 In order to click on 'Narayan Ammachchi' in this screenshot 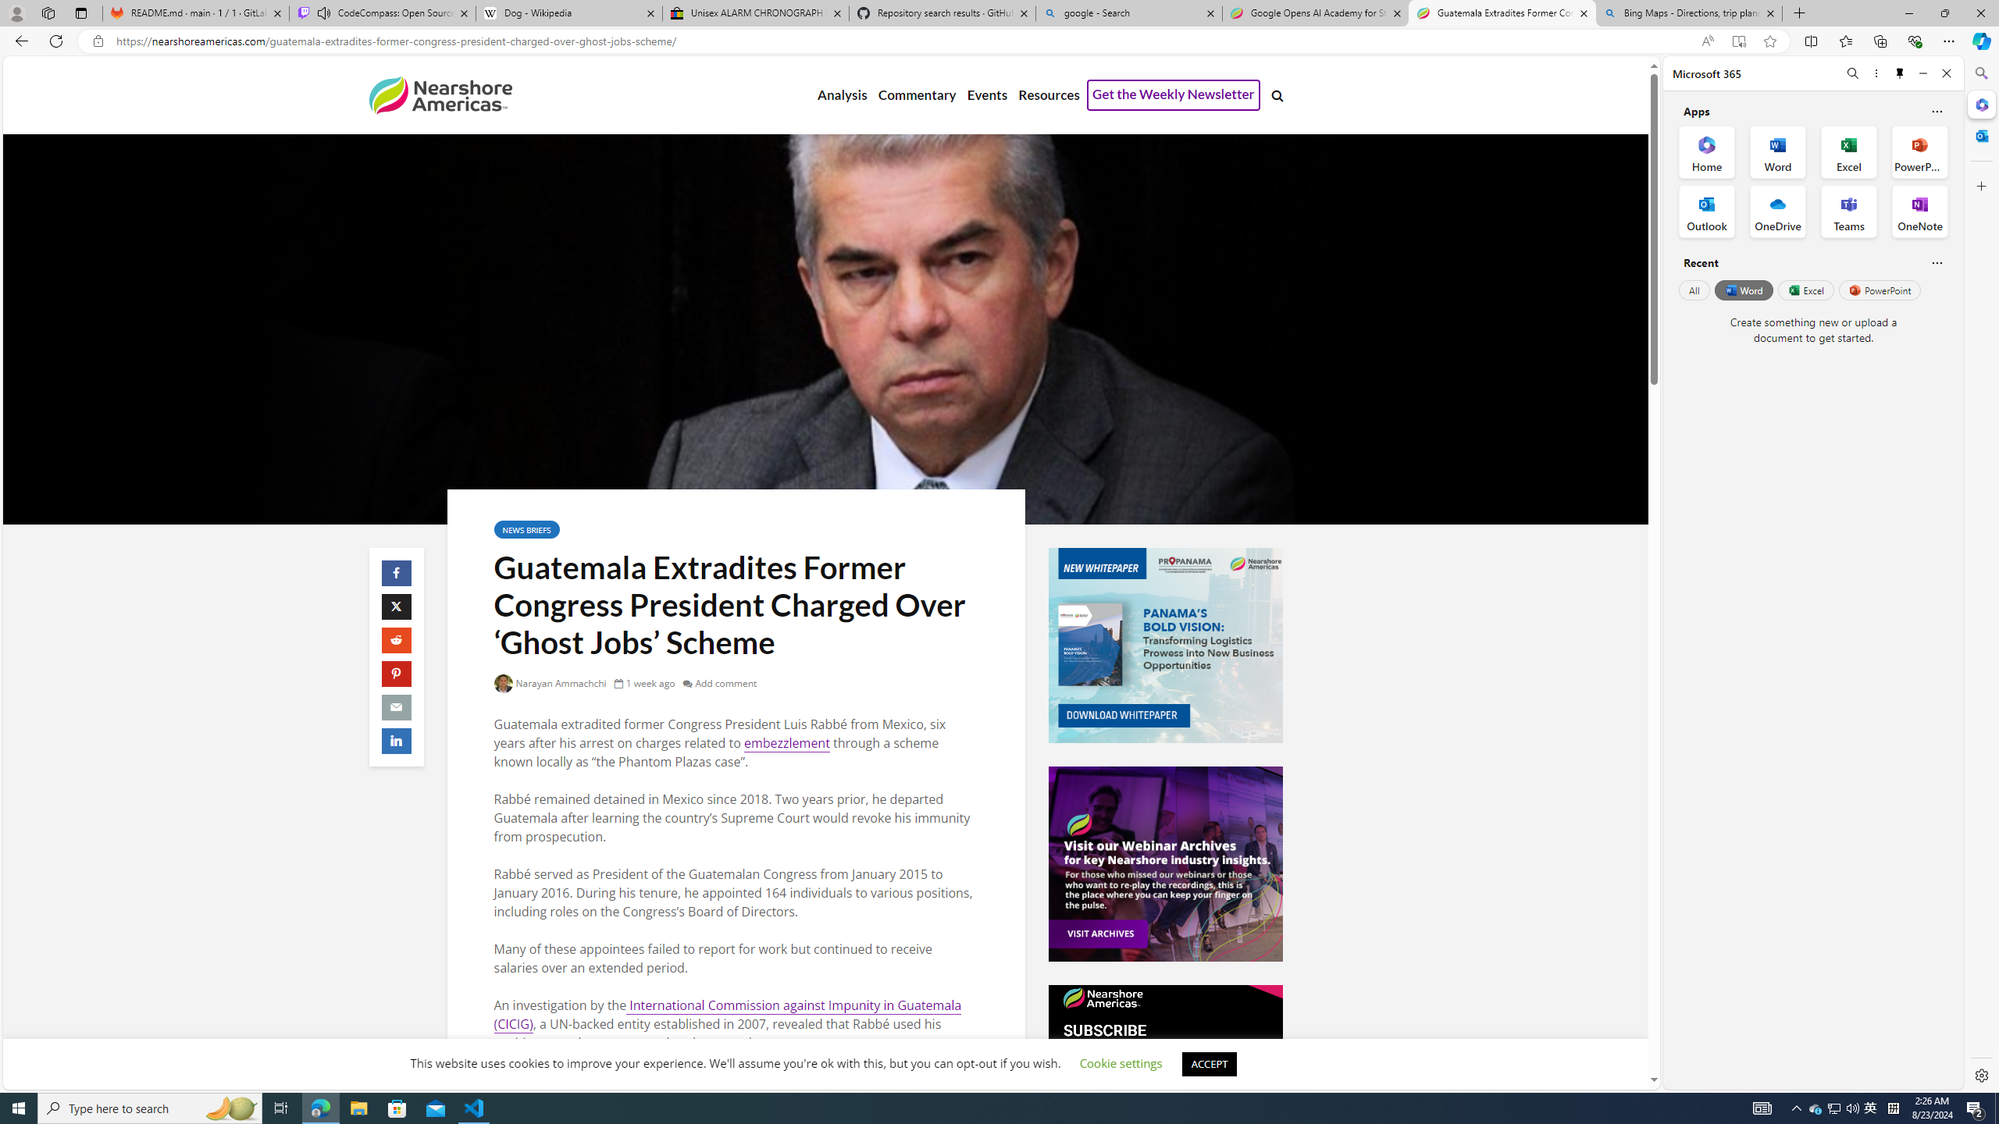, I will do `click(551, 682)`.